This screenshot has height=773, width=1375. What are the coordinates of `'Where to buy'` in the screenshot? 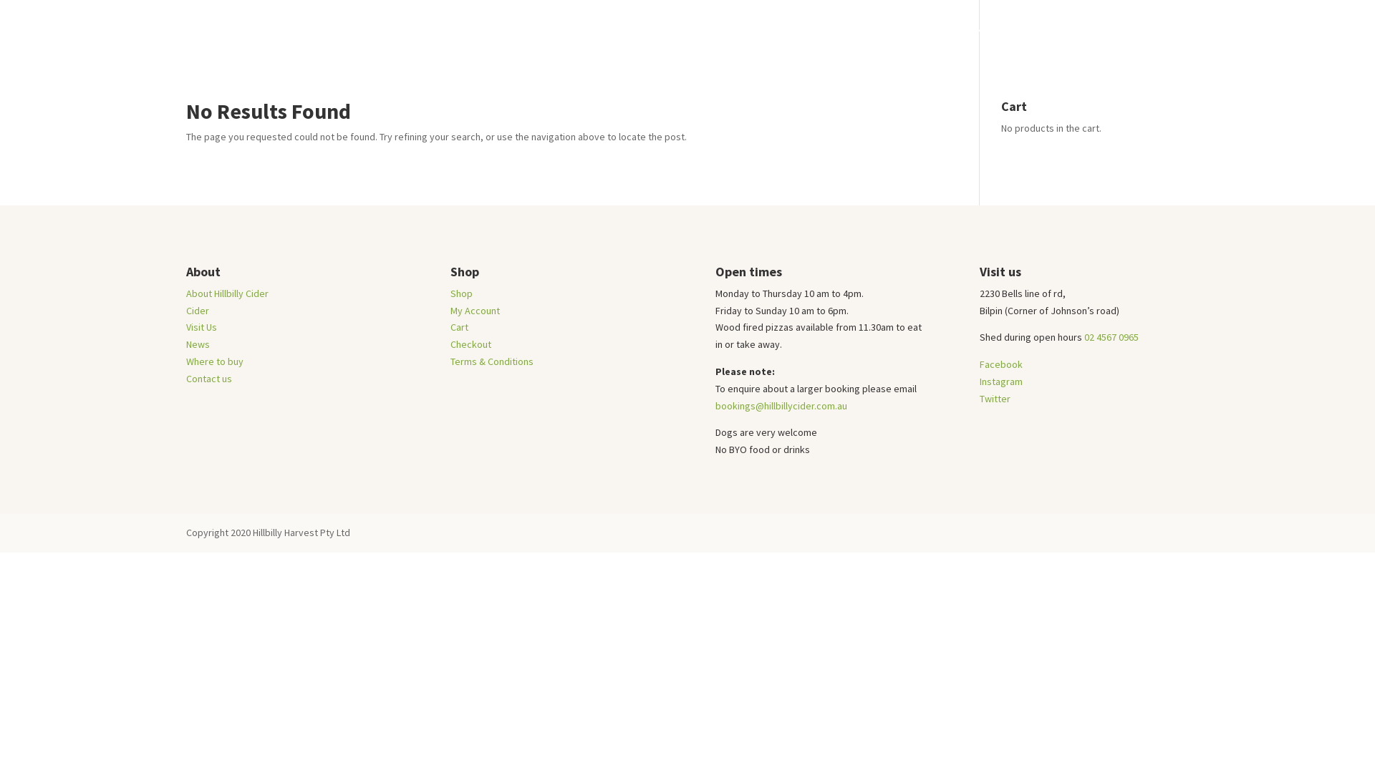 It's located at (213, 361).